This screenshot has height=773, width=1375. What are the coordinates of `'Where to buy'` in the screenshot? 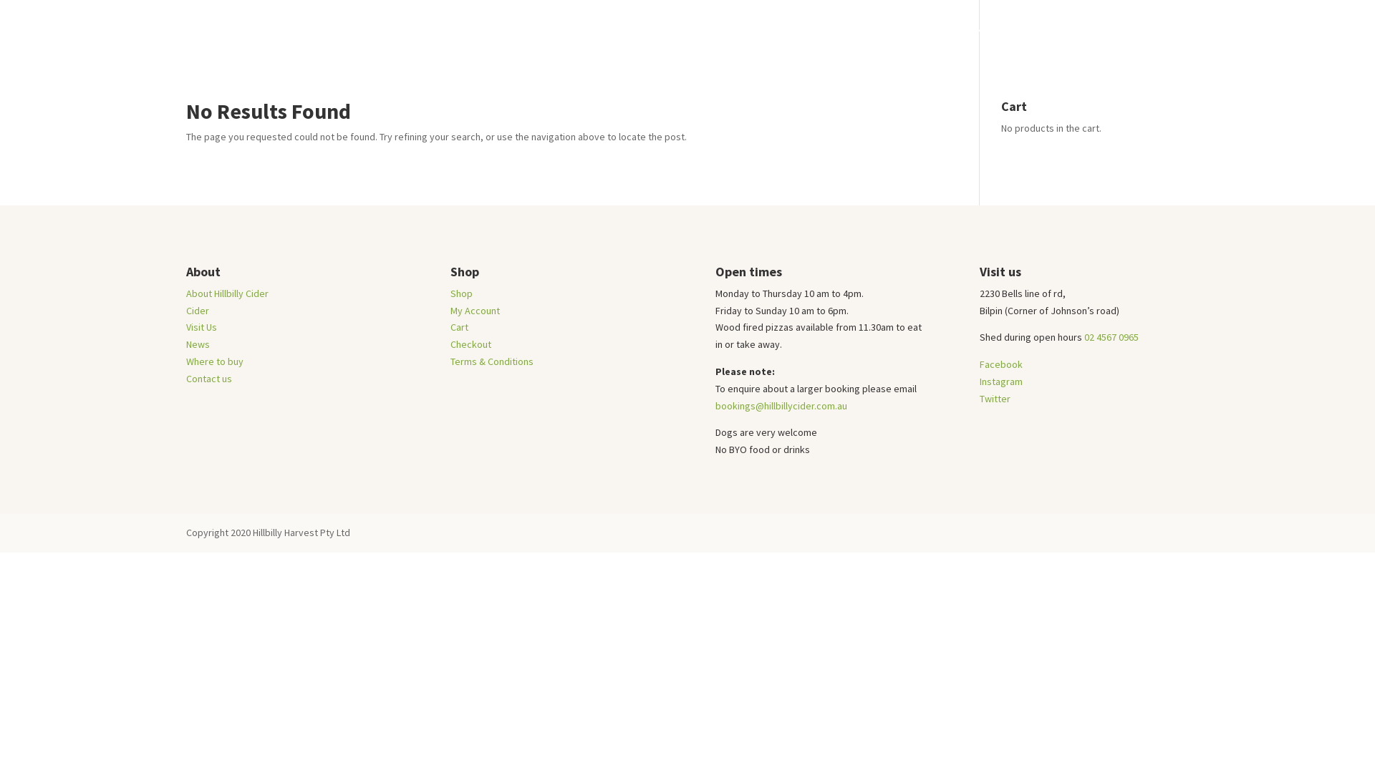 It's located at (213, 361).